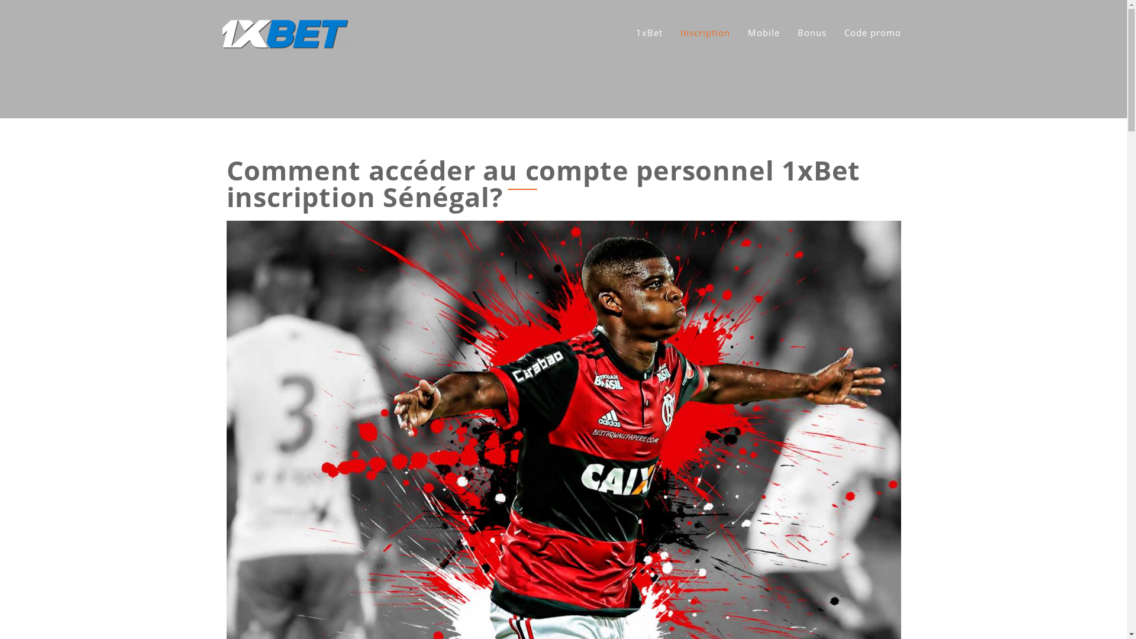  I want to click on 'Bonus', so click(811, 31).